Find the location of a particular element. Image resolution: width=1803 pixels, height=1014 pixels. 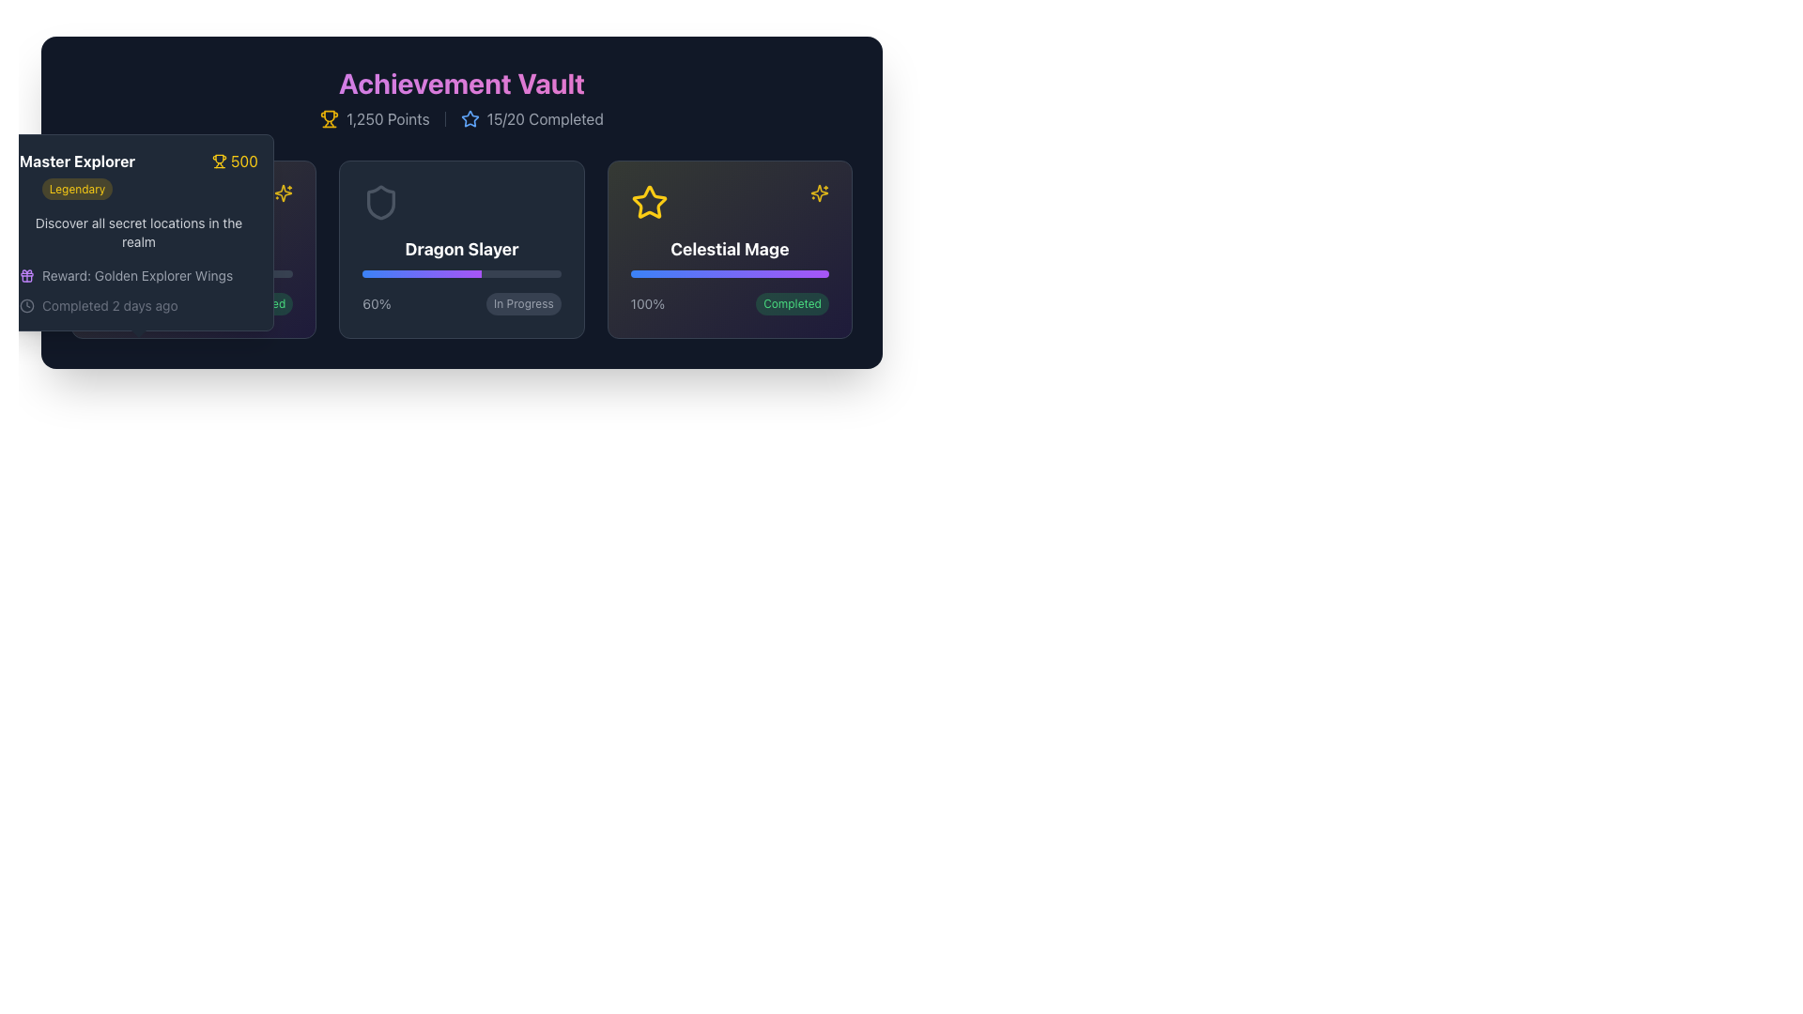

the animated glowing icon located beside the 'Celestial Mage' text in the 'Achievement Vault' section is located at coordinates (283, 192).